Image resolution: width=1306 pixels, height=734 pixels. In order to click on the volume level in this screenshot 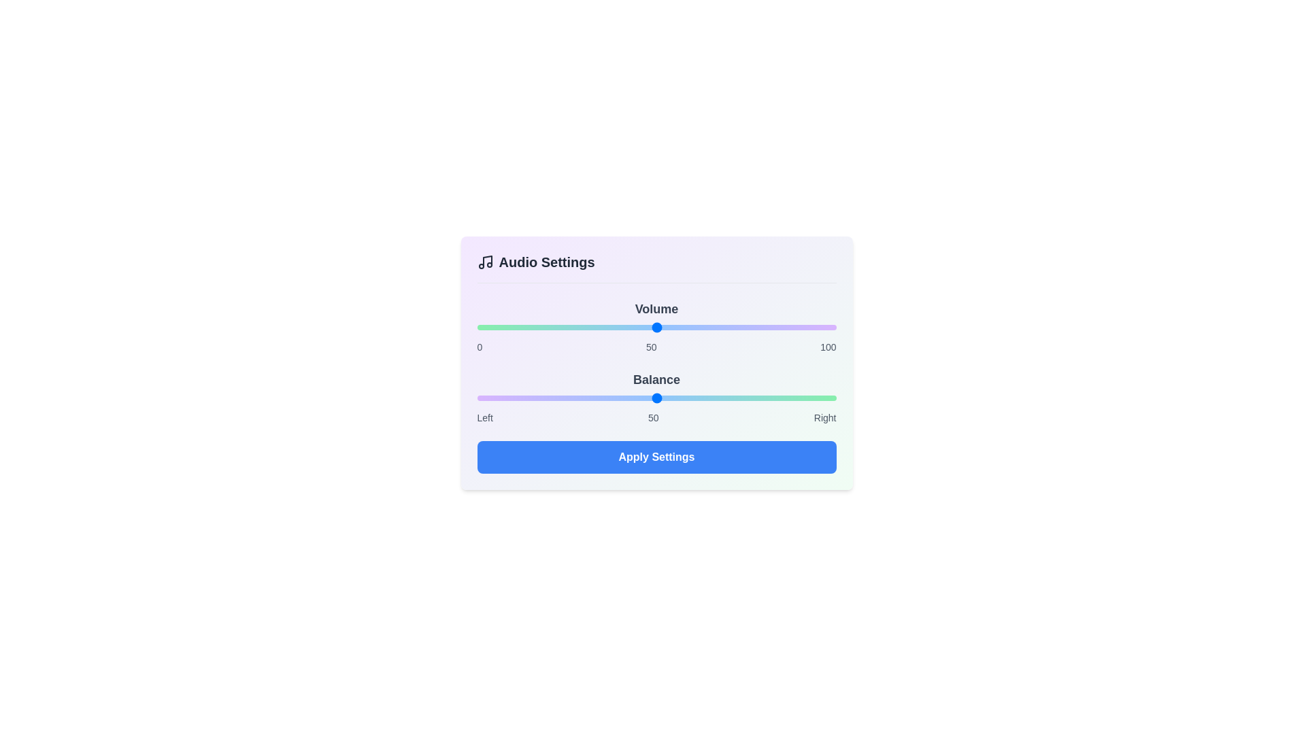, I will do `click(541, 328)`.